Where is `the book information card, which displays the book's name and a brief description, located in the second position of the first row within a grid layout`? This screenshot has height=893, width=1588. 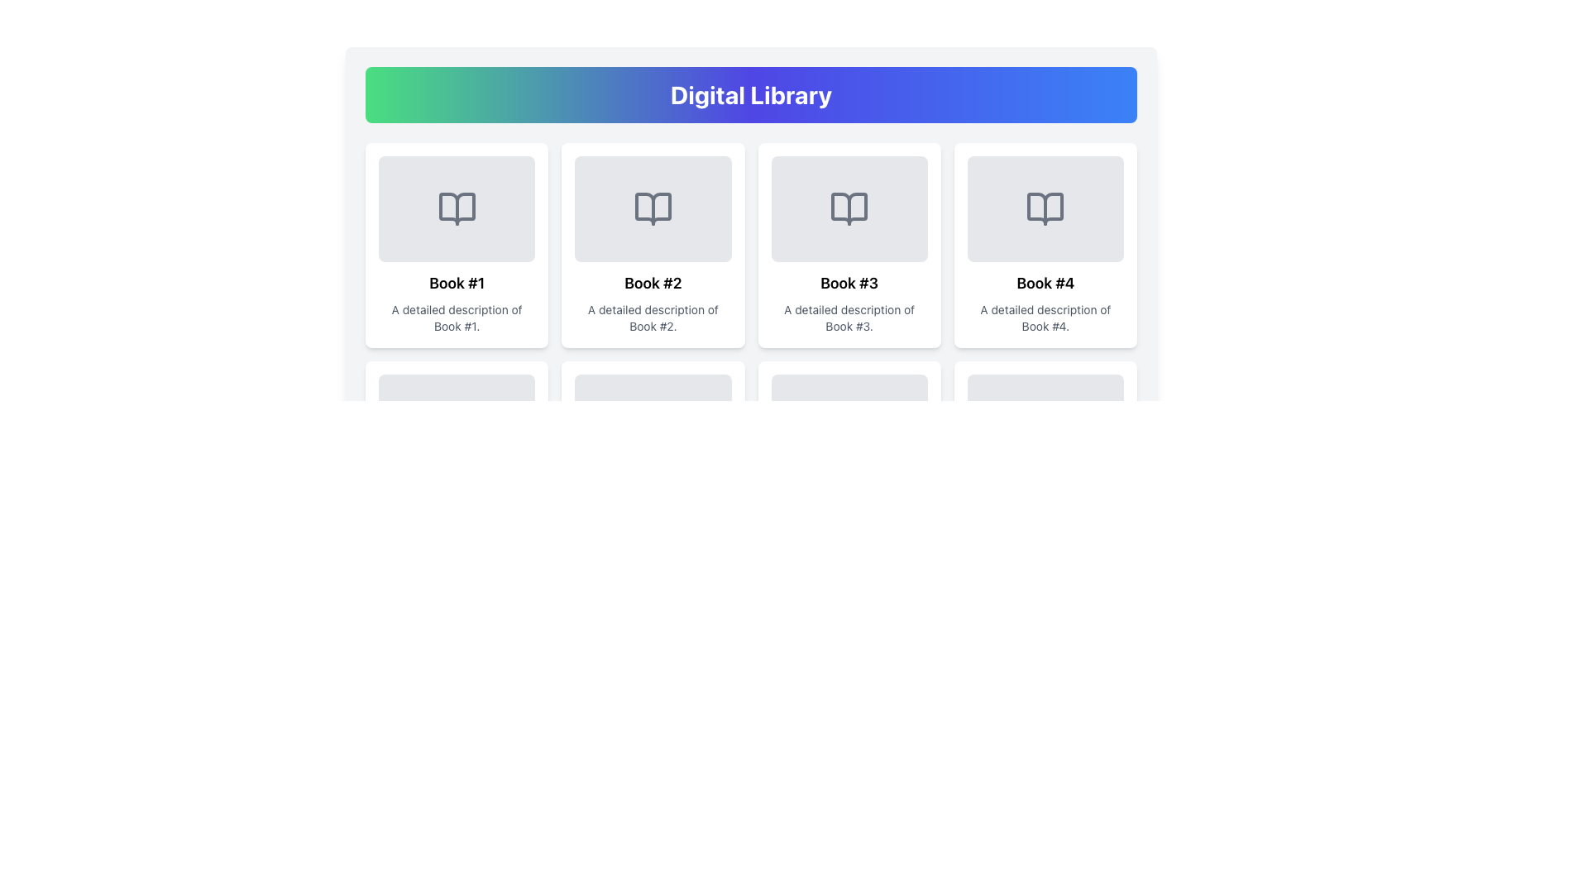
the book information card, which displays the book's name and a brief description, located in the second position of the first row within a grid layout is located at coordinates (652, 246).